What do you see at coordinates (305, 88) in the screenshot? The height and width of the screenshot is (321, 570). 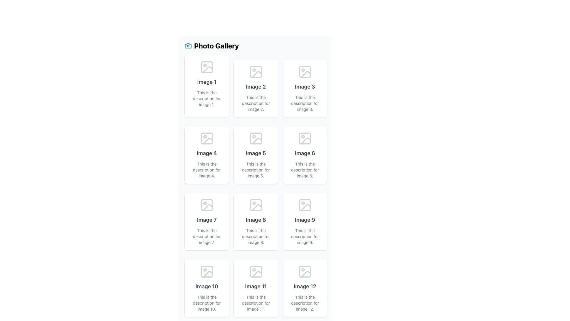 I see `the Card element representing 'Image 3' in the gallery` at bounding box center [305, 88].